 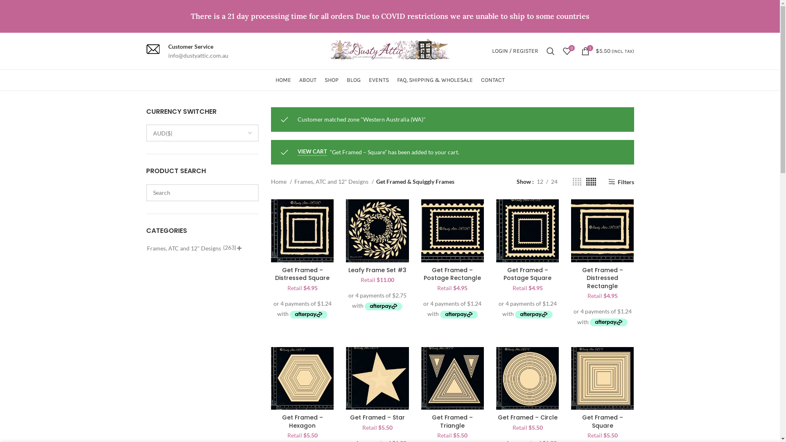 What do you see at coordinates (153, 49) in the screenshot?
I see `'mailicon'` at bounding box center [153, 49].